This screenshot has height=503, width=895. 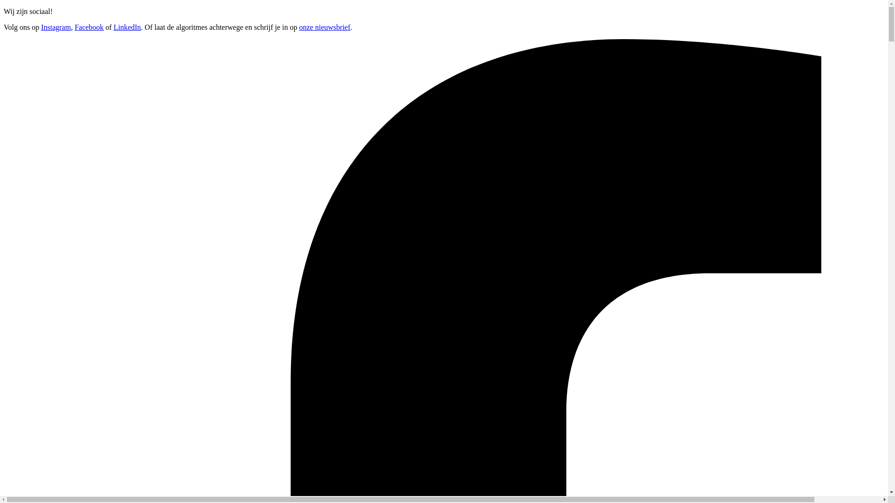 I want to click on 'LinkedIn', so click(x=127, y=27).